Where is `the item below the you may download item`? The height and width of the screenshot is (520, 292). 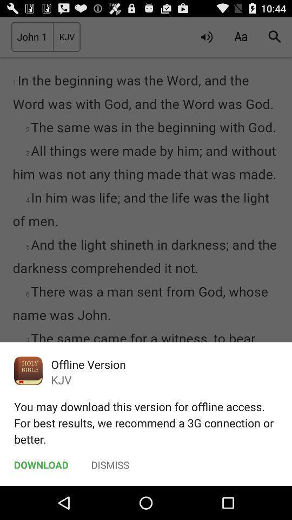 the item below the you may download item is located at coordinates (110, 464).